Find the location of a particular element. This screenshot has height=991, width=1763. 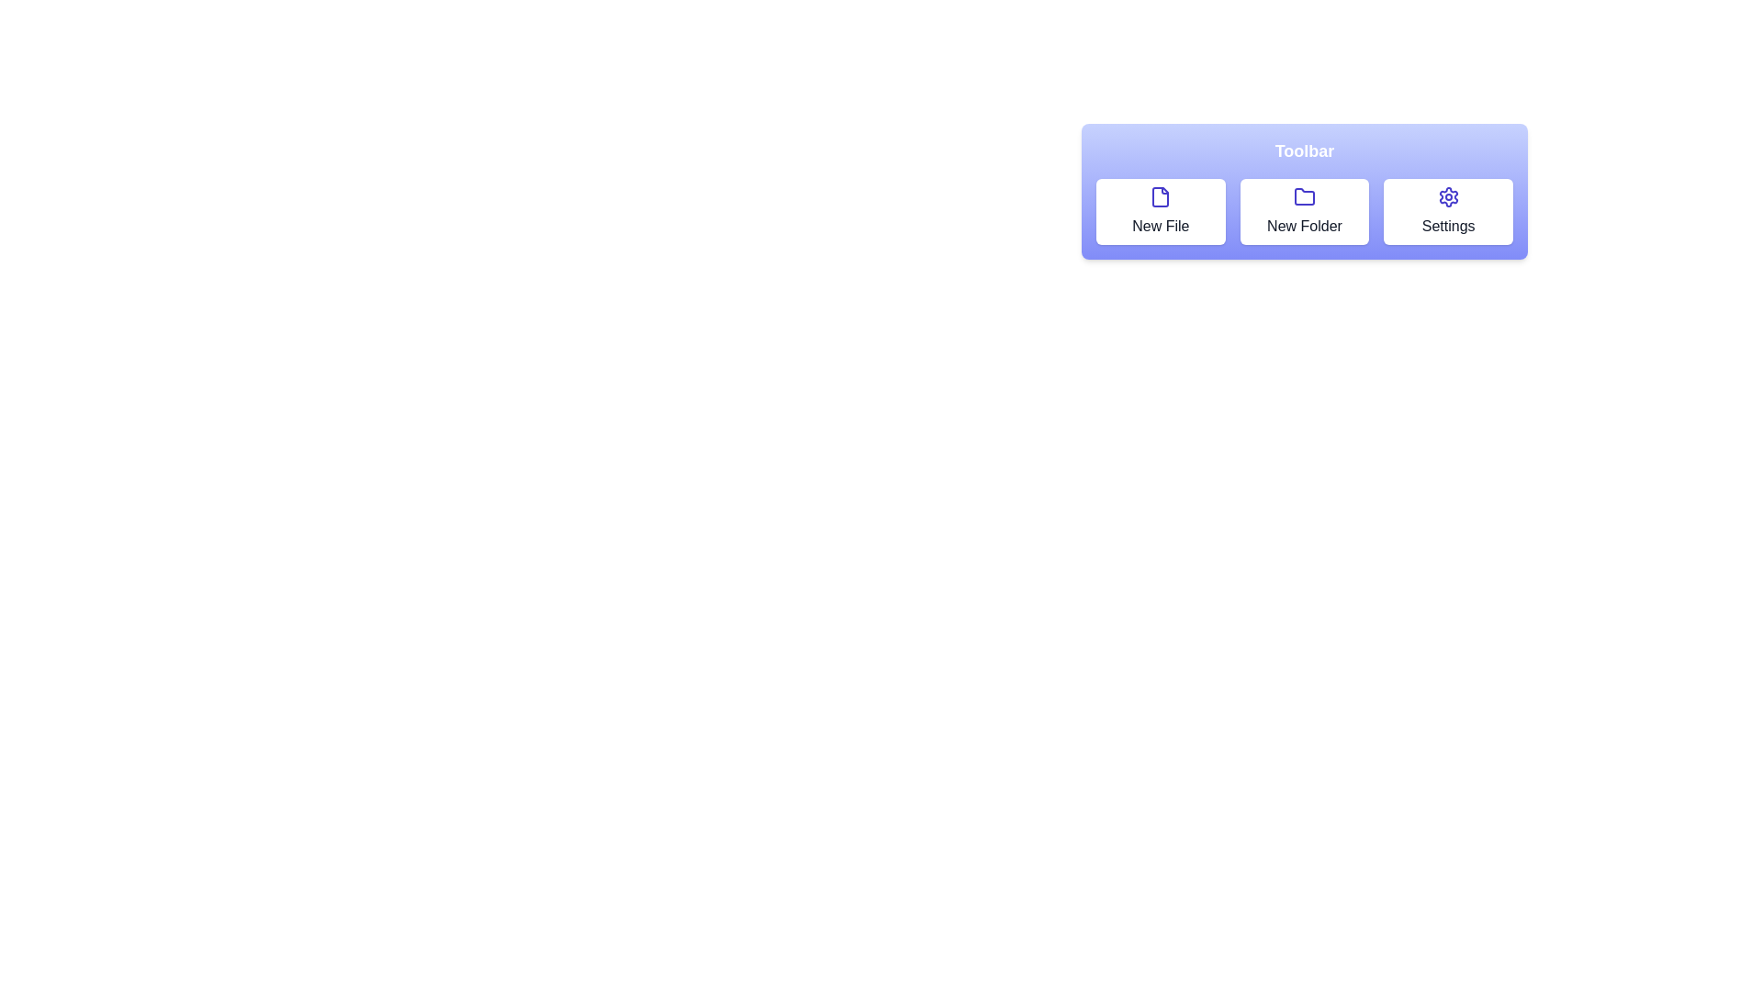

the 'New File' SVG icon located in the leftmost segment of the toolbar, which is visually organized into three segments horizontally arranged is located at coordinates (1160, 197).